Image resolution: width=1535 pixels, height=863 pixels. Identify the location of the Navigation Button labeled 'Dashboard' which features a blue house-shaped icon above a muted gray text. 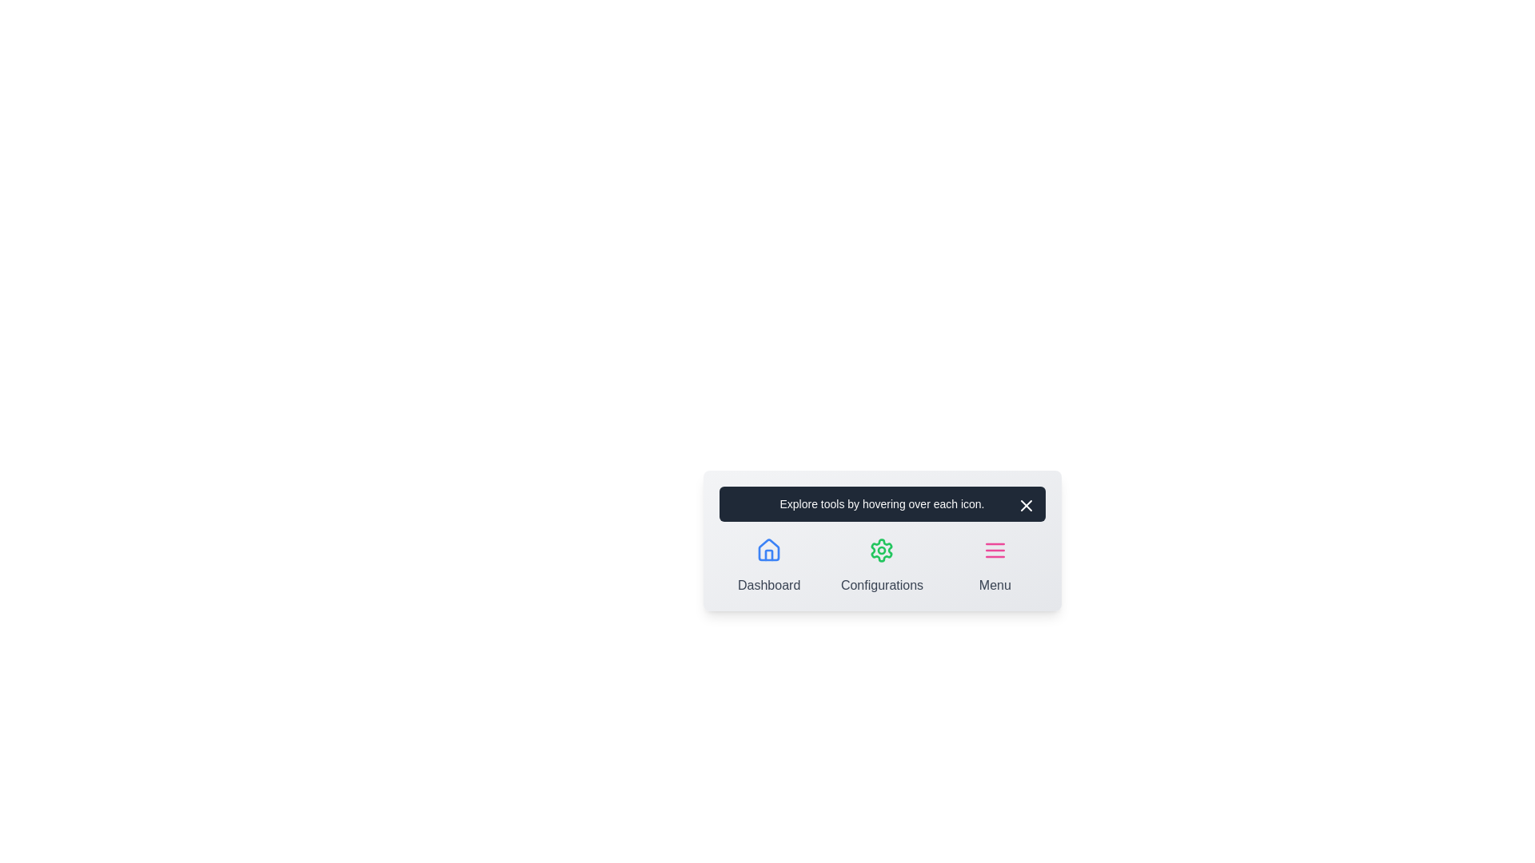
(769, 563).